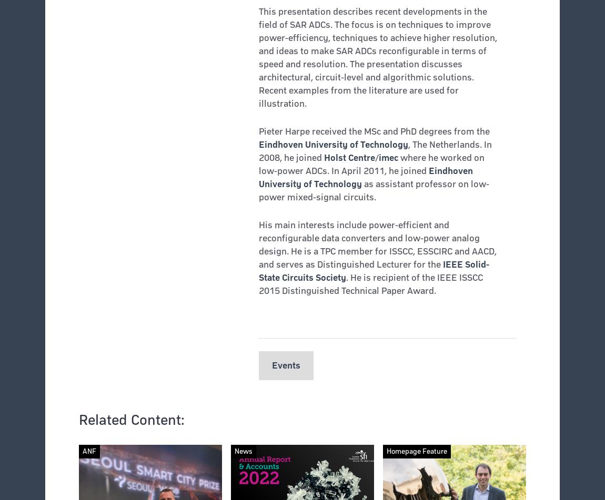 The image size is (605, 500). Describe the element at coordinates (373, 130) in the screenshot. I see `'Pieter Harpe received the MSc and PhD degrees from the'` at that location.